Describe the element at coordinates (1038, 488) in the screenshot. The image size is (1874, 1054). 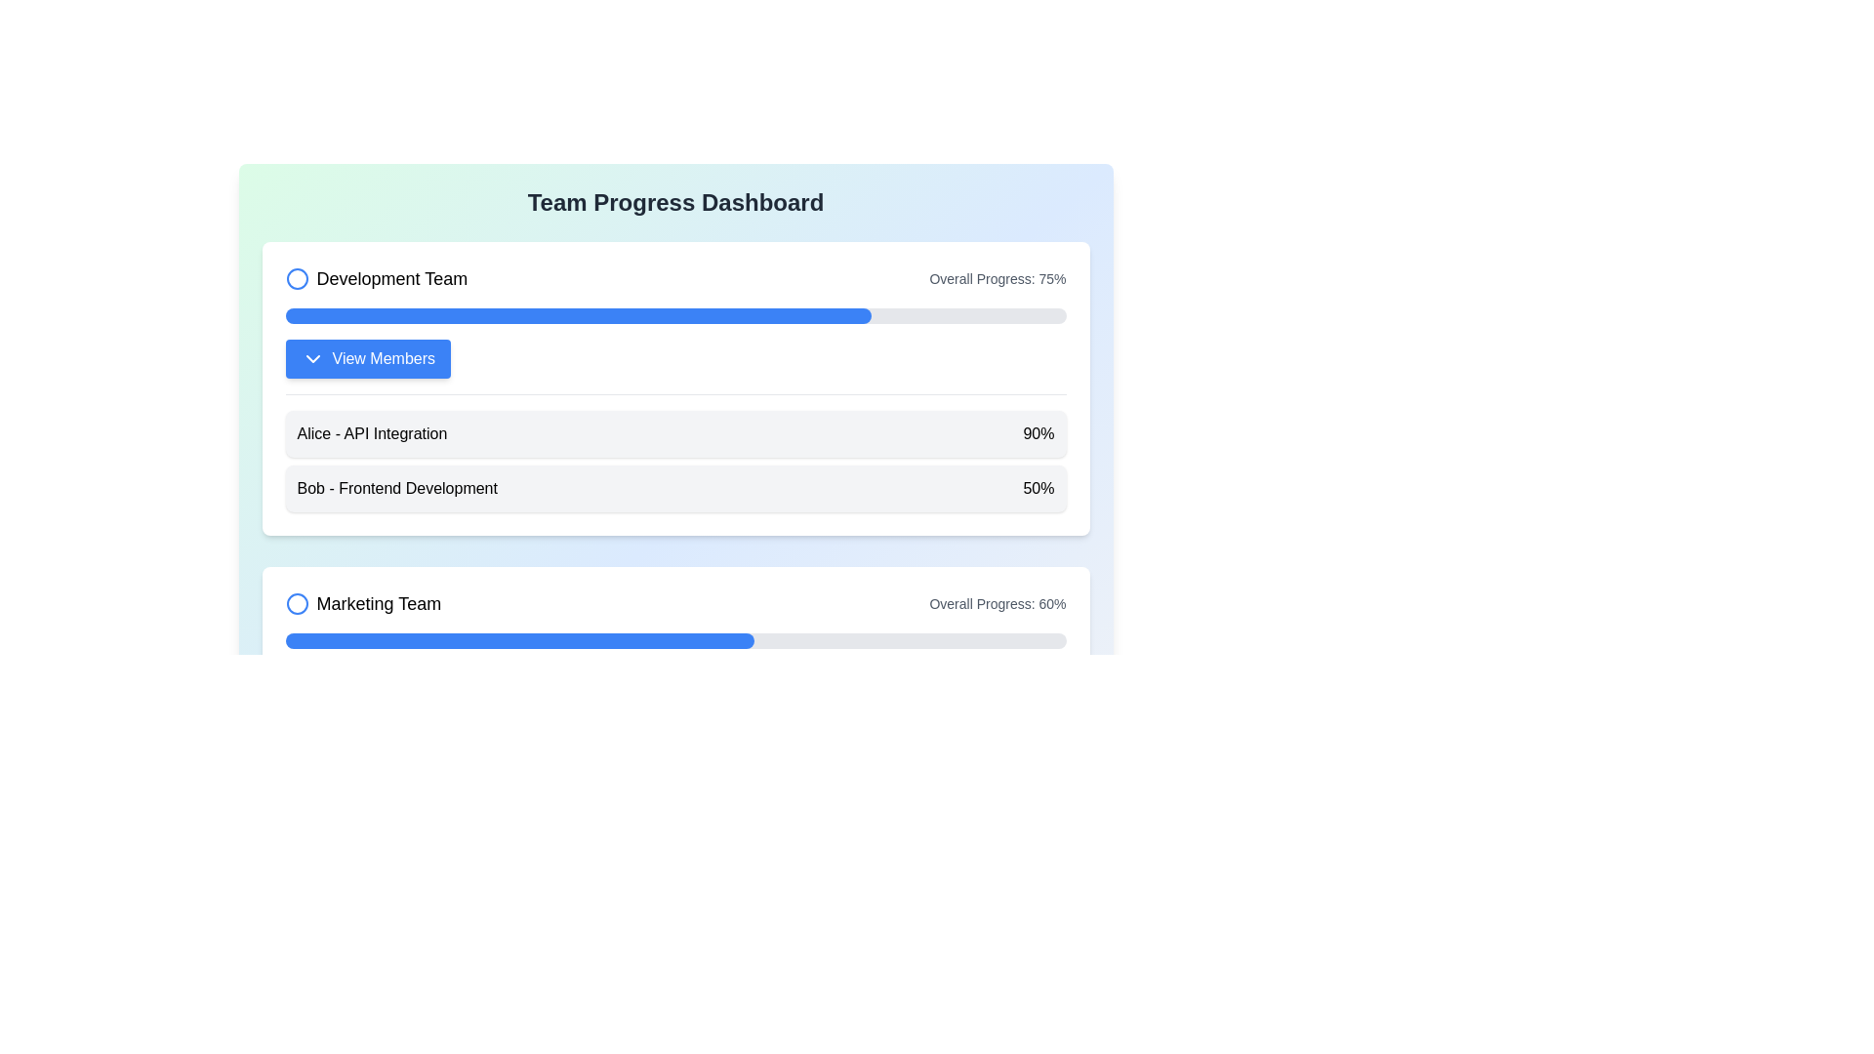
I see `progress percentage value from the label displaying '50%' which is styled in bold black font on a light gray background, adjacent to 'Bob - Frontend Development'` at that location.